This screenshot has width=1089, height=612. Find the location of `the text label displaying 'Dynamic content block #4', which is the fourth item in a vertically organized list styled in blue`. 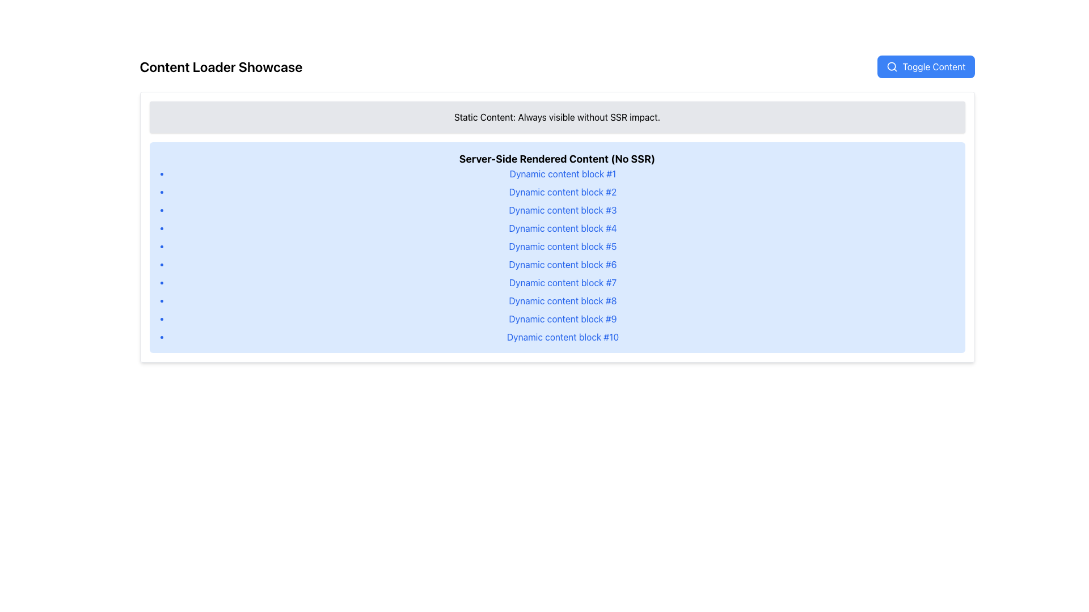

the text label displaying 'Dynamic content block #4', which is the fourth item in a vertically organized list styled in blue is located at coordinates (563, 228).